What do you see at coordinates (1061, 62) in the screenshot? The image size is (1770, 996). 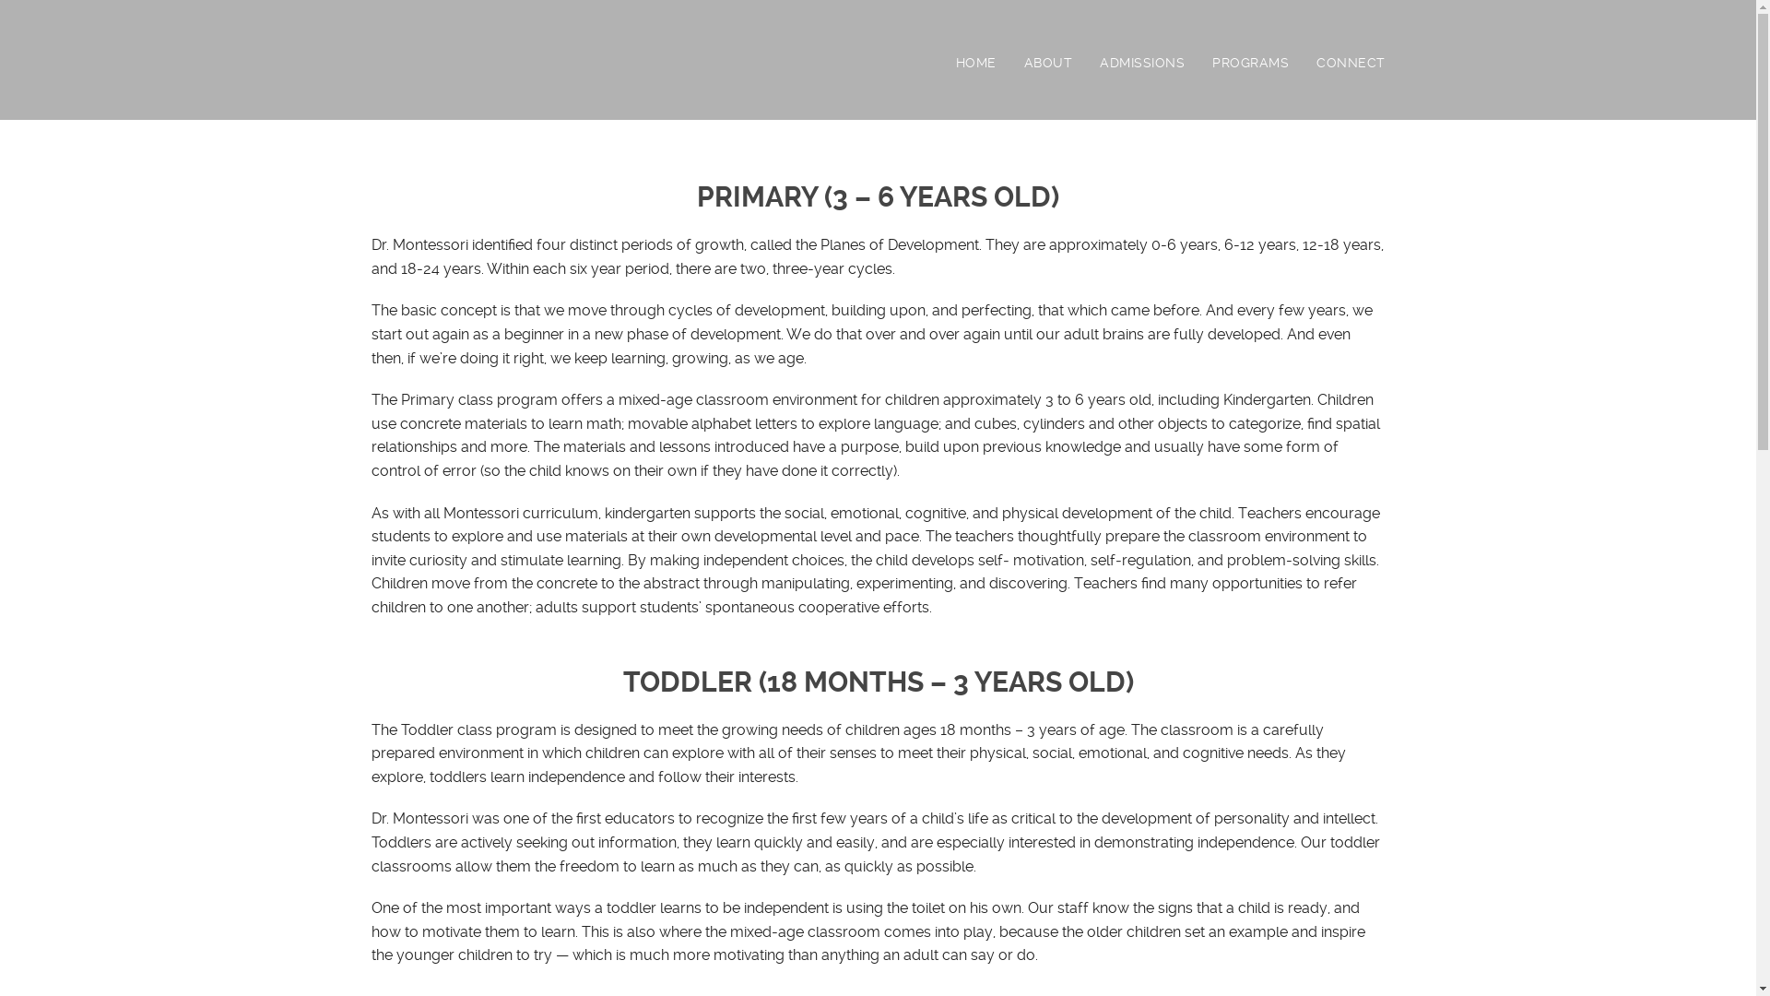 I see `'ABOUT'` at bounding box center [1061, 62].